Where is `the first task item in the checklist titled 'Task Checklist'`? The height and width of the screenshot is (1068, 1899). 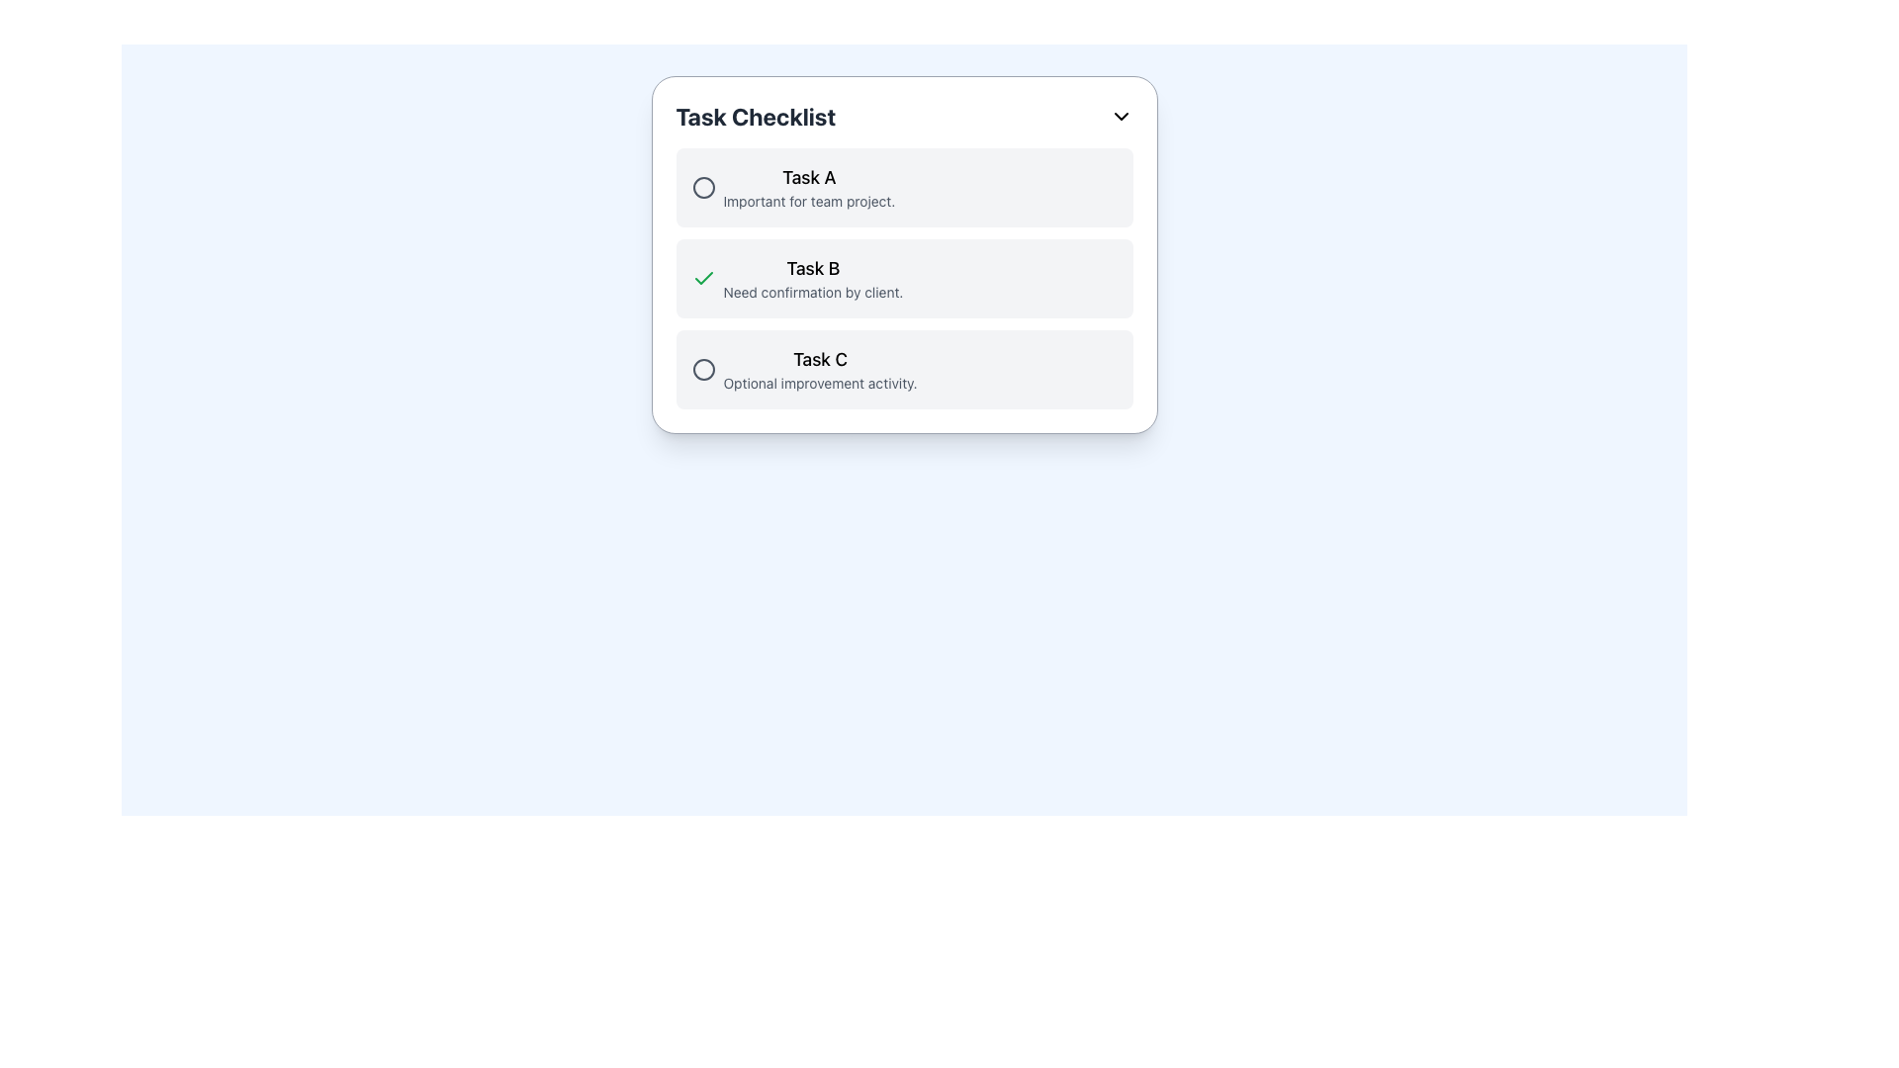 the first task item in the checklist titled 'Task Checklist' is located at coordinates (793, 187).